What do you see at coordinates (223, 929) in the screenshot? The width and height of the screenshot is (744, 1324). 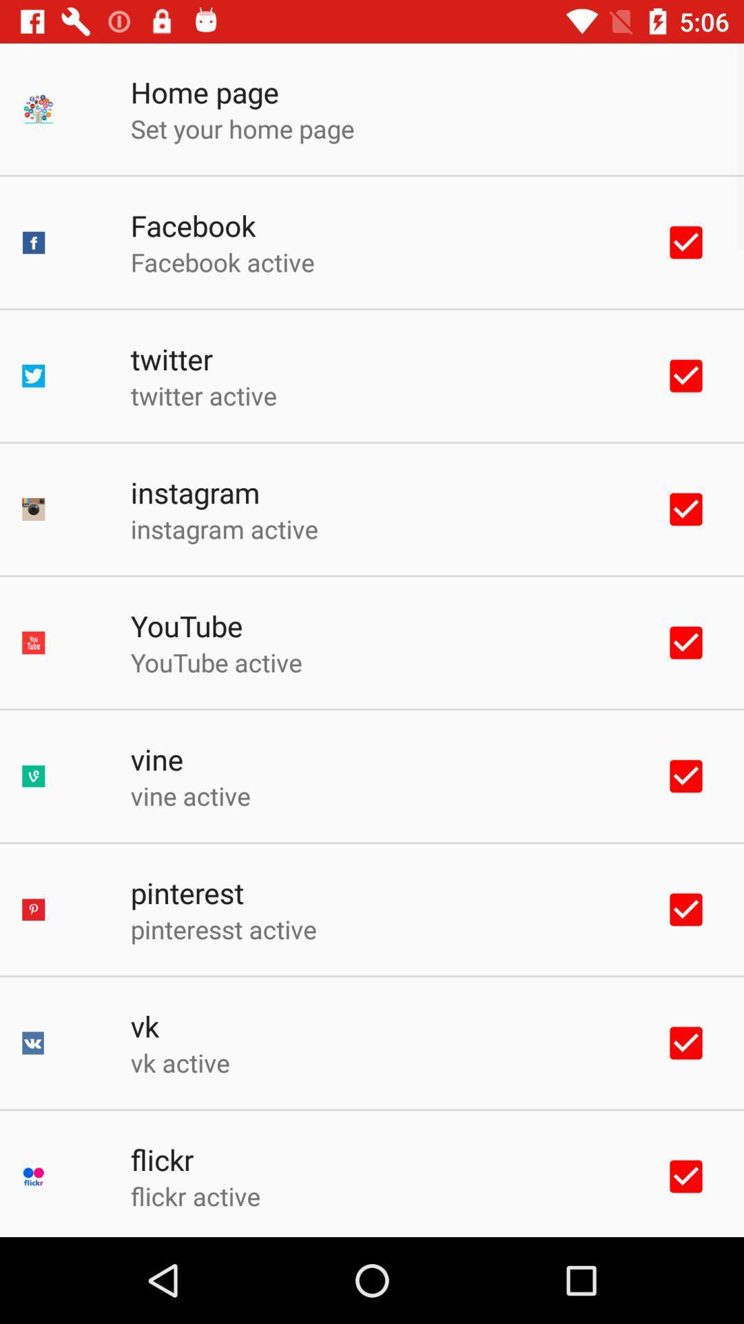 I see `the item above vk app` at bounding box center [223, 929].